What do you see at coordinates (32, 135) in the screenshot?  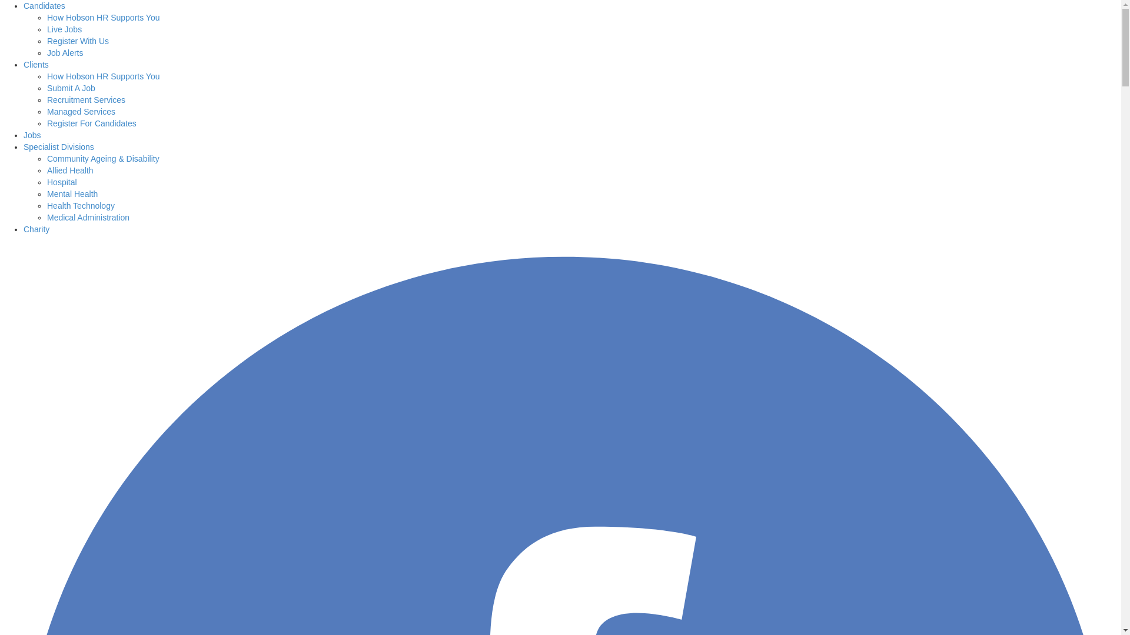 I see `'Jobs'` at bounding box center [32, 135].